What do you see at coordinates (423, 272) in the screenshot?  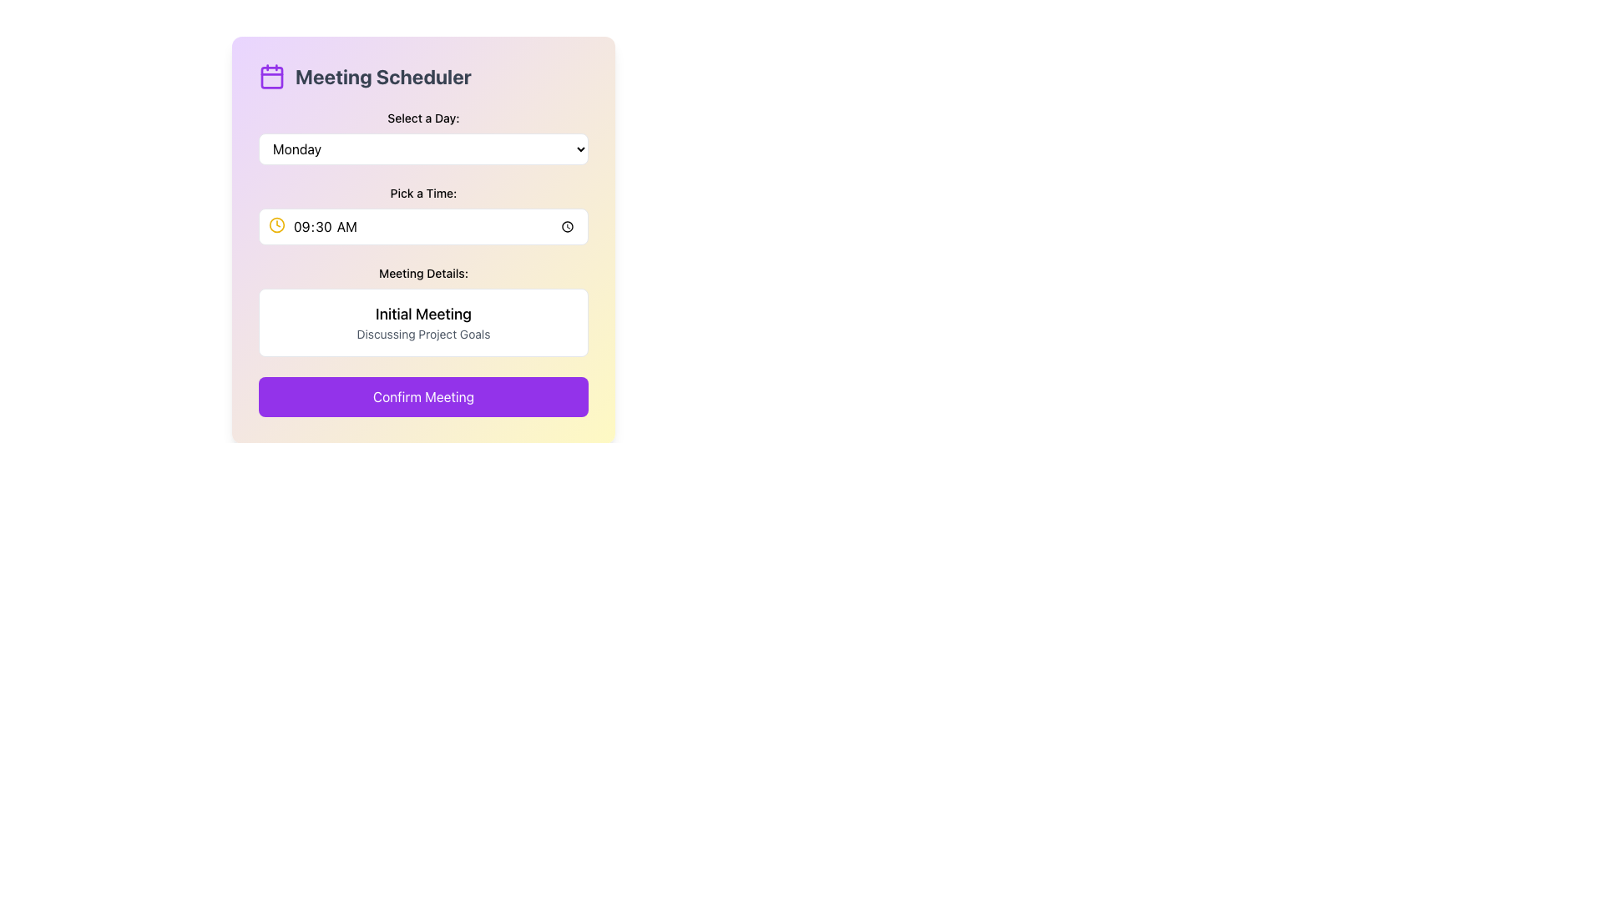 I see `the static text label displaying 'Meeting Details:' located in the 'Meeting Scheduler' interface, positioned above the meeting details section` at bounding box center [423, 272].